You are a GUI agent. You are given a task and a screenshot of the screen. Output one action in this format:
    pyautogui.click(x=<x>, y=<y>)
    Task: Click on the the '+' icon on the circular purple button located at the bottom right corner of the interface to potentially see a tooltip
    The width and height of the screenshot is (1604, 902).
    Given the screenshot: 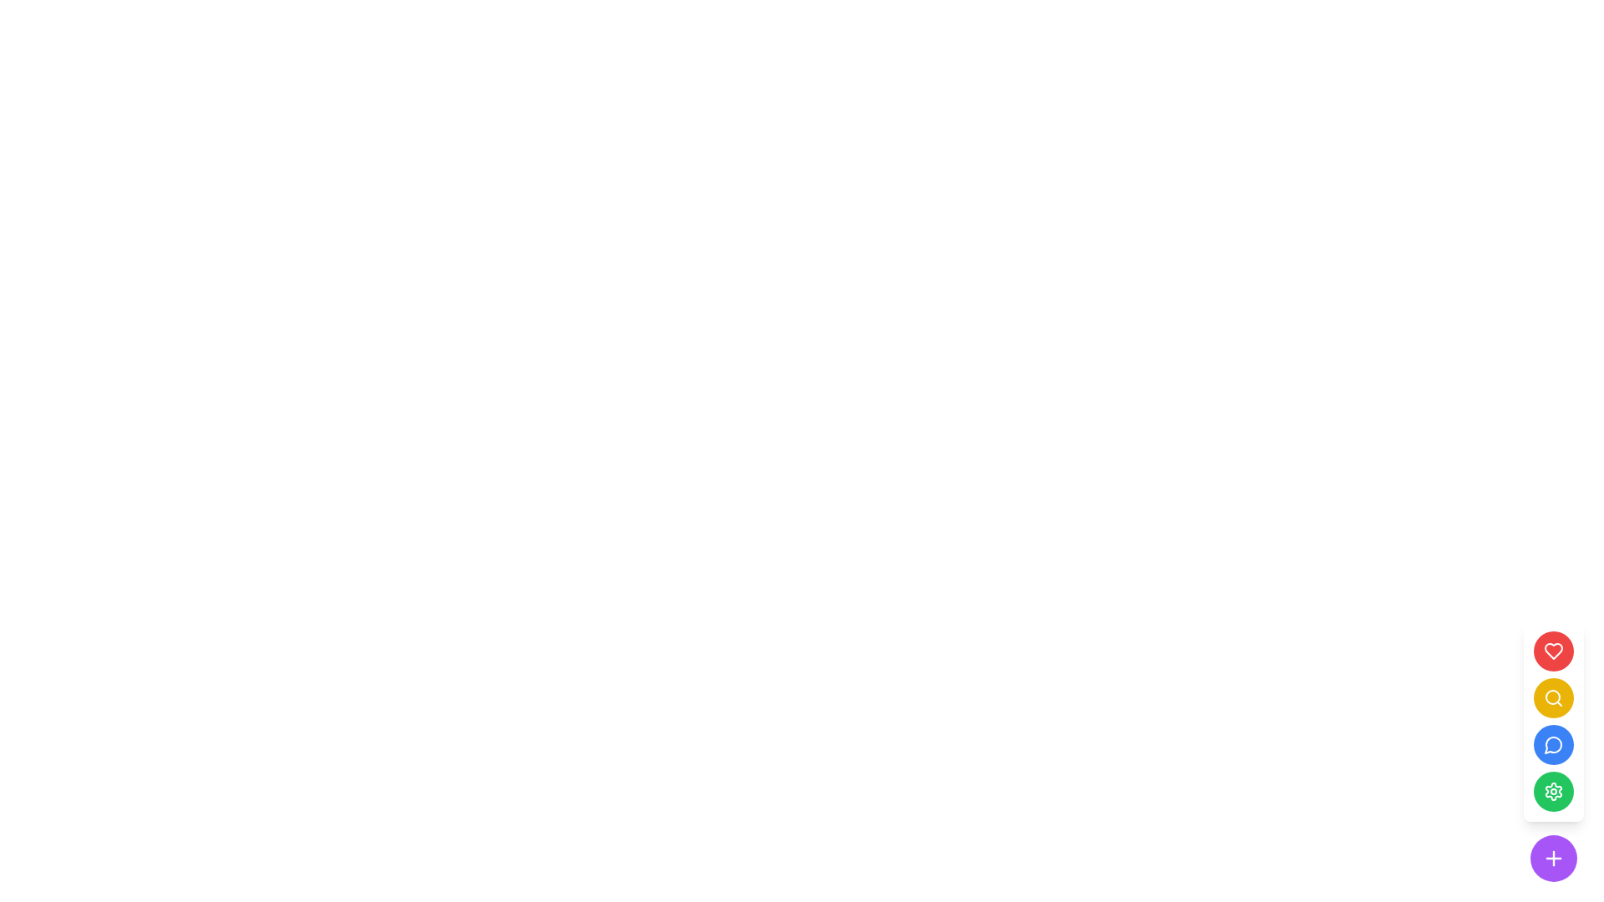 What is the action you would take?
    pyautogui.click(x=1553, y=859)
    